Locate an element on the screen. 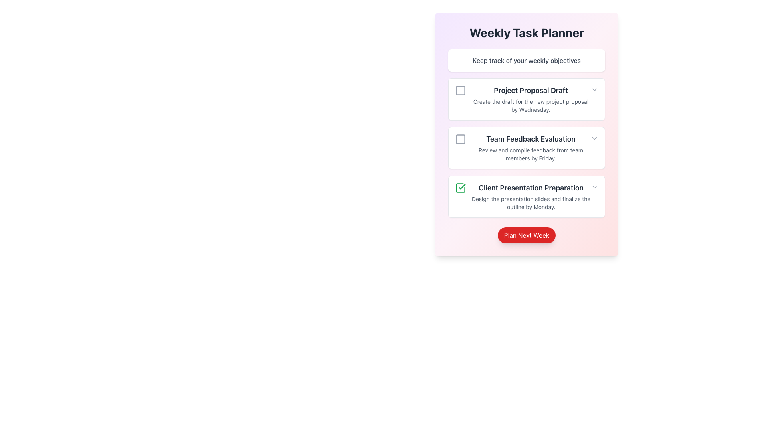 This screenshot has width=767, height=431. the header text 'Team Feedback Evaluation', which is styled in a large, bold font and positioned above the description text in a dark gray color is located at coordinates (531, 138).